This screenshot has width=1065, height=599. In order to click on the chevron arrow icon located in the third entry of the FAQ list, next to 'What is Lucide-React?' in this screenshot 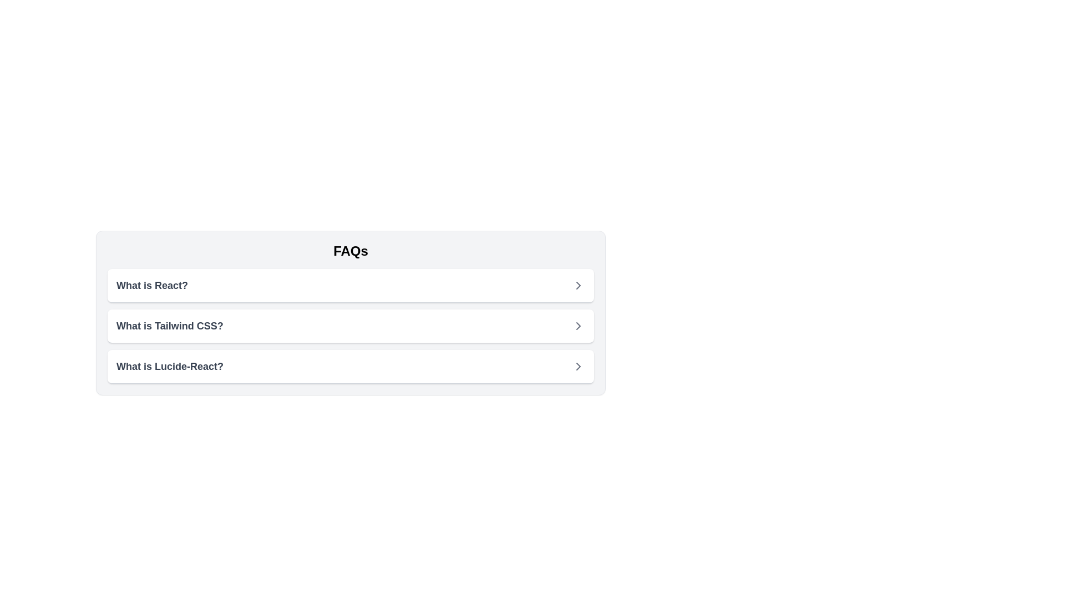, I will do `click(577, 366)`.